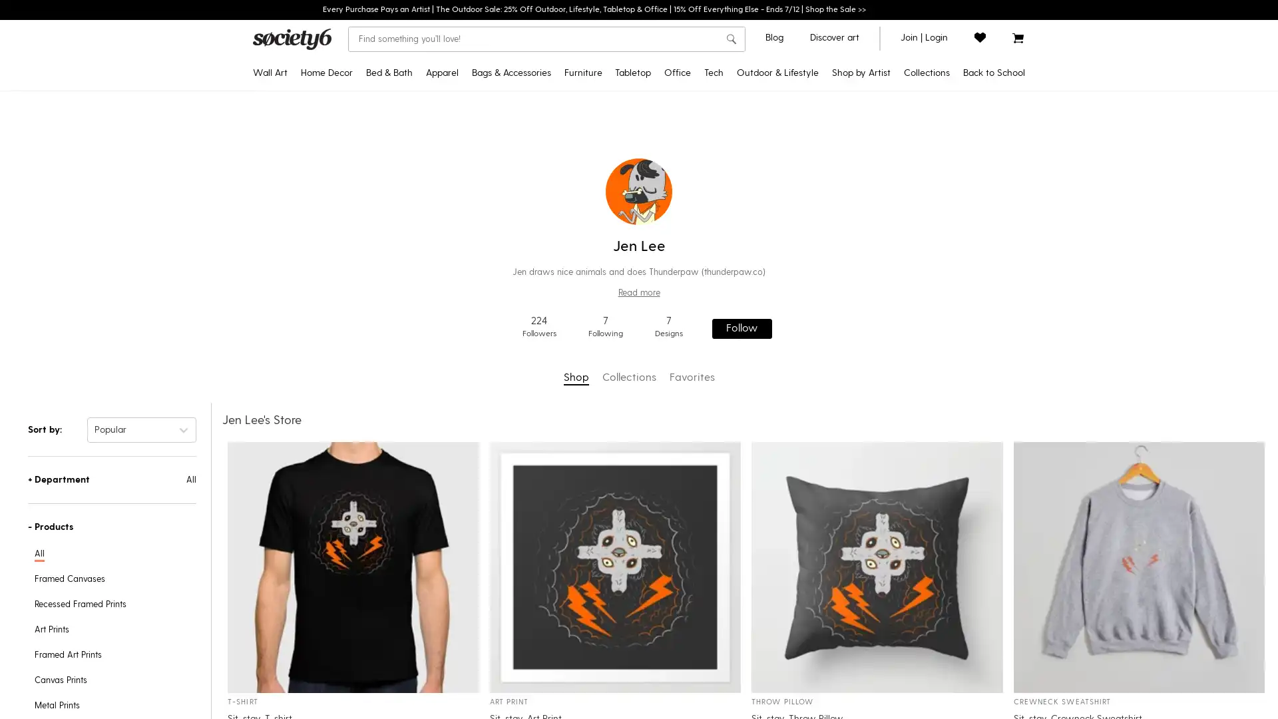  Describe the element at coordinates (351, 235) in the screenshot. I see `Sheer Curtains` at that location.